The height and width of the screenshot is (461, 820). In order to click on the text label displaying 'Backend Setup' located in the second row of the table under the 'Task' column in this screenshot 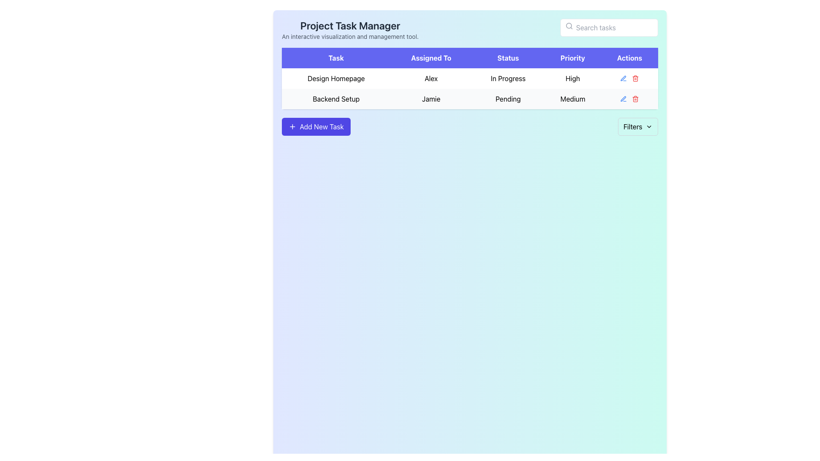, I will do `click(336, 98)`.